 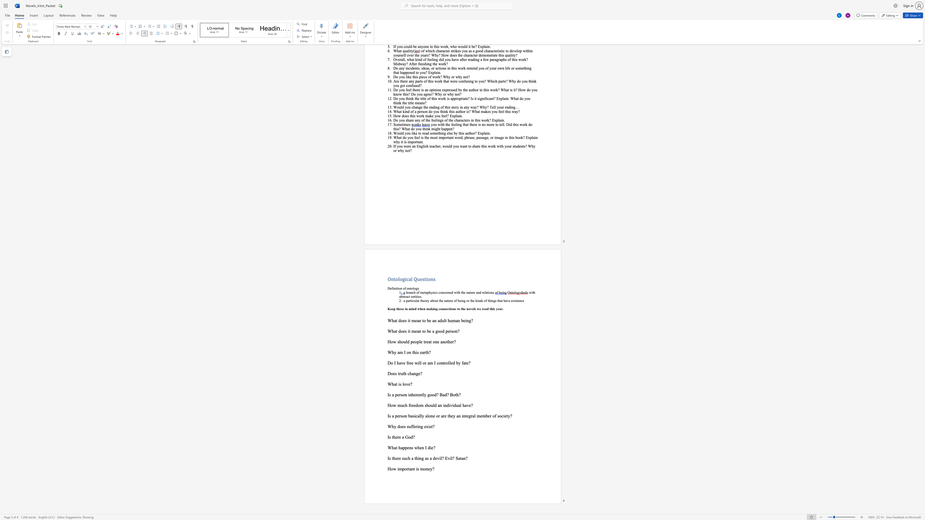 What do you see at coordinates (392, 288) in the screenshot?
I see `the subset text "finition of ontolo" within the text "Definition of ontology"` at bounding box center [392, 288].